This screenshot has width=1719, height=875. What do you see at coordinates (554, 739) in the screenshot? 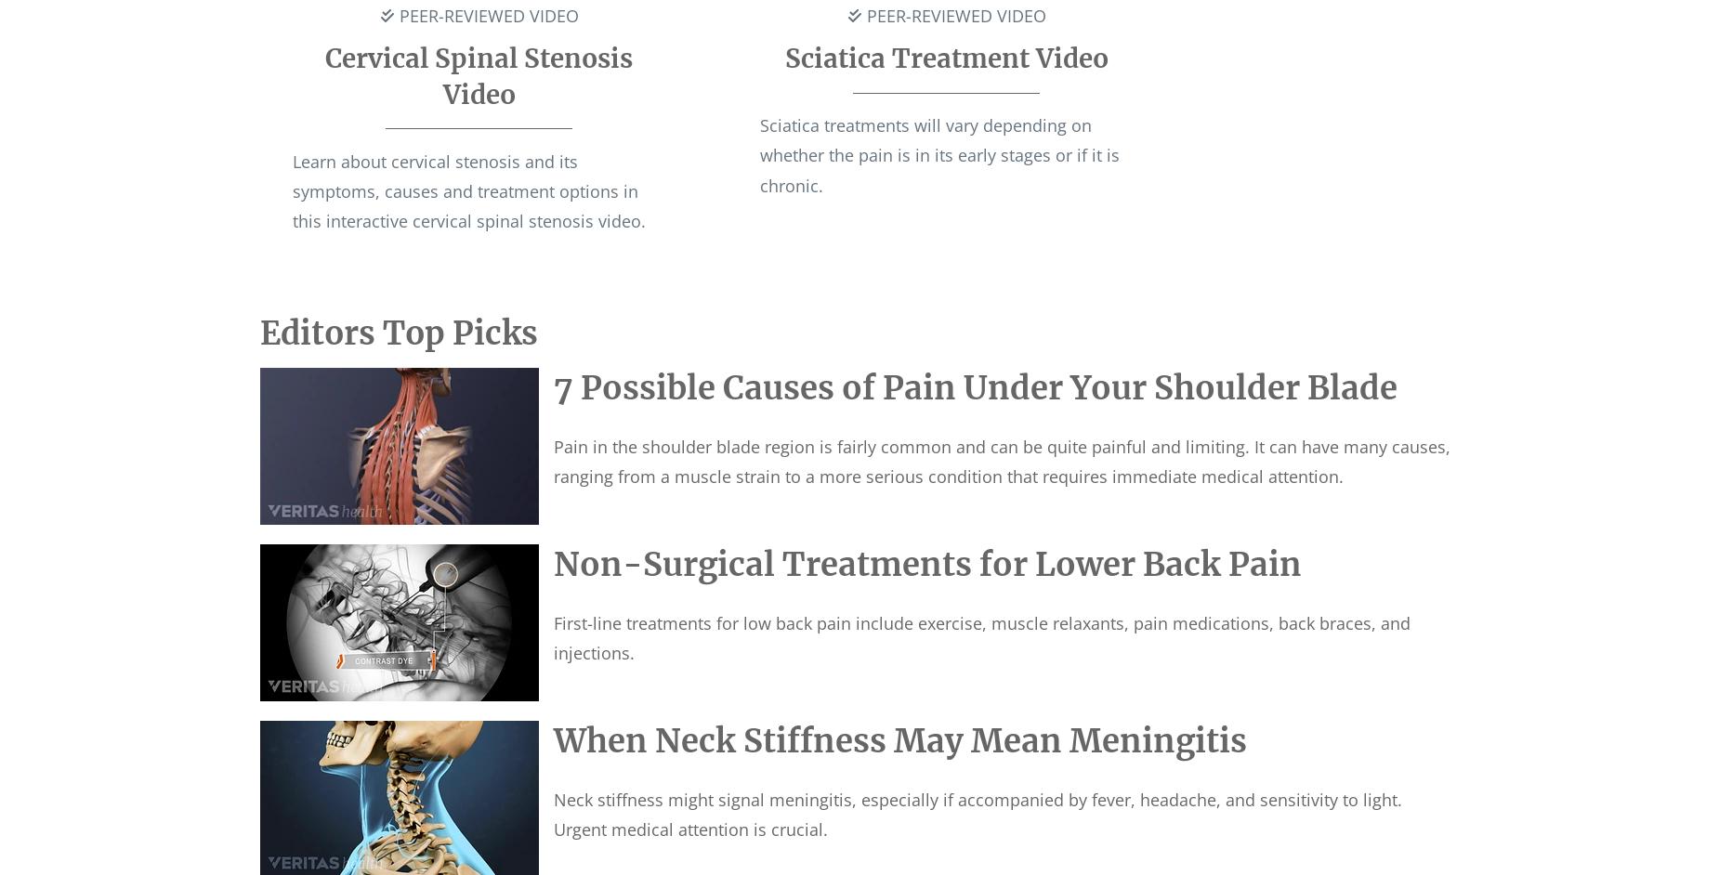
I see `'When Neck Stiffness May Mean Meningitis'` at bounding box center [554, 739].